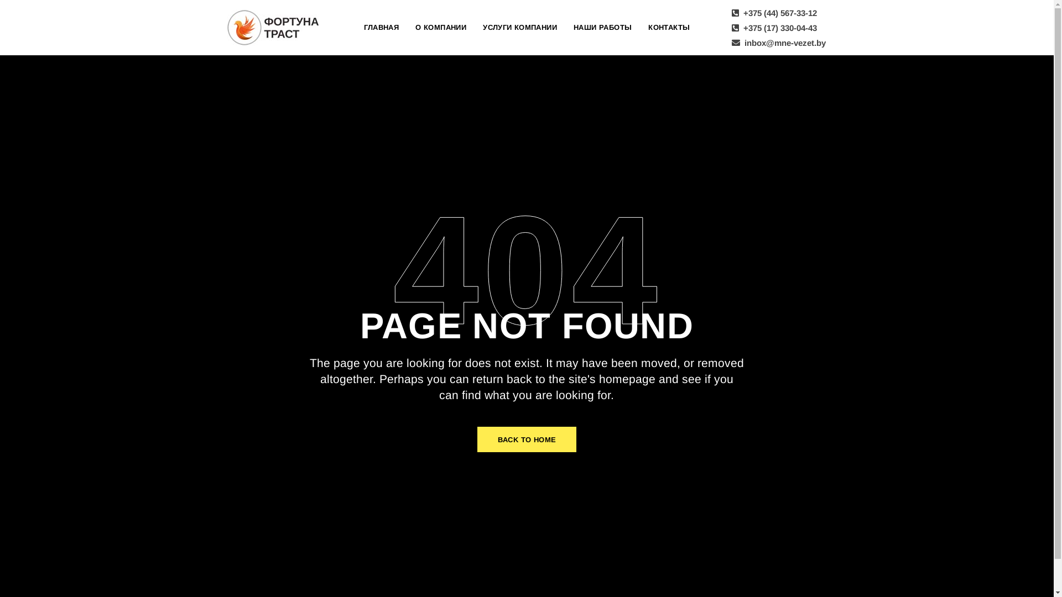 The height and width of the screenshot is (597, 1062). I want to click on ' +375 (17) 330-04-43', so click(773, 27).